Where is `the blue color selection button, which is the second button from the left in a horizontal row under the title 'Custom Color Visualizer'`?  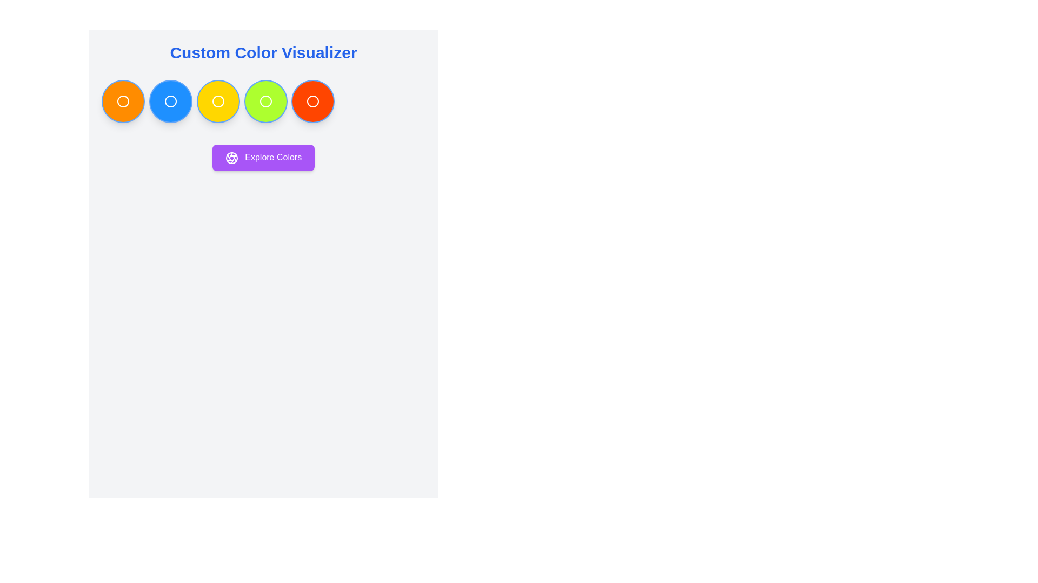 the blue color selection button, which is the second button from the left in a horizontal row under the title 'Custom Color Visualizer' is located at coordinates (170, 101).